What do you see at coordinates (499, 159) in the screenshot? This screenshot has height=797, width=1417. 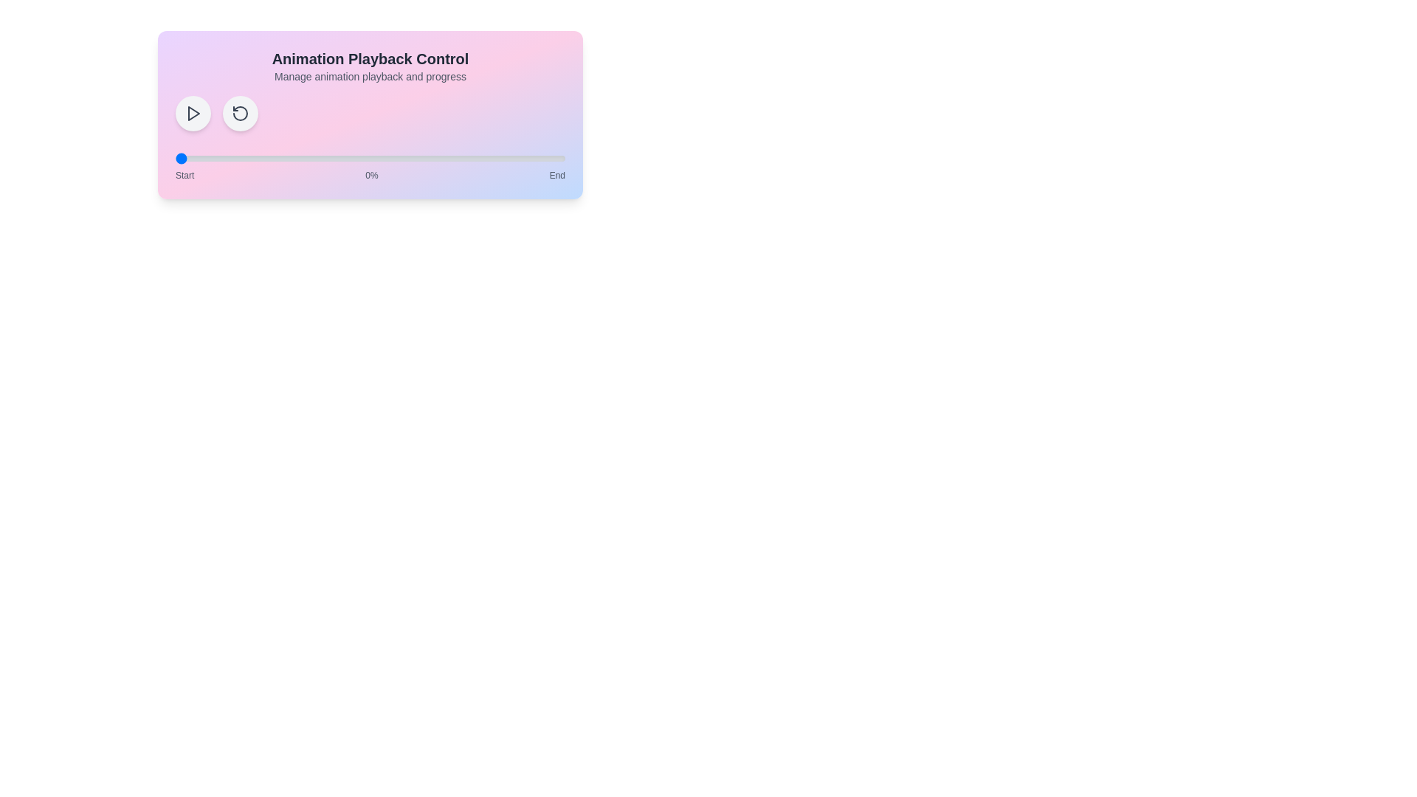 I see `the animation progress to 83% by interacting with the range slider` at bounding box center [499, 159].